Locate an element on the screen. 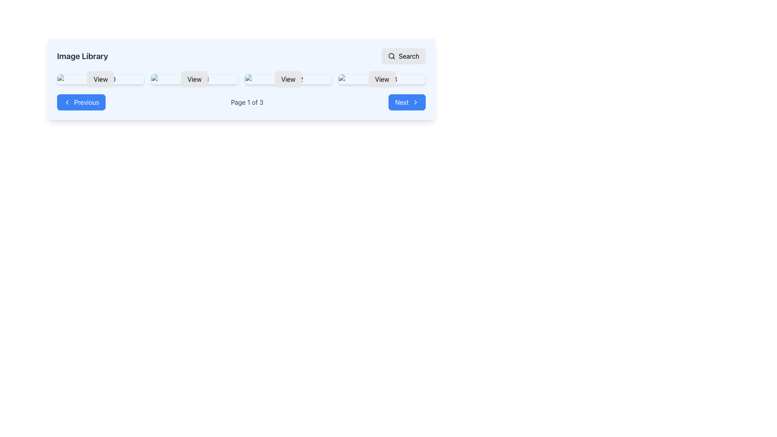 The image size is (777, 437). the graphical indicator icon that reinforces the 'Next' action, located at the far-right end of the 'Next' button in the bottom-right corner of the main interface is located at coordinates (416, 102).